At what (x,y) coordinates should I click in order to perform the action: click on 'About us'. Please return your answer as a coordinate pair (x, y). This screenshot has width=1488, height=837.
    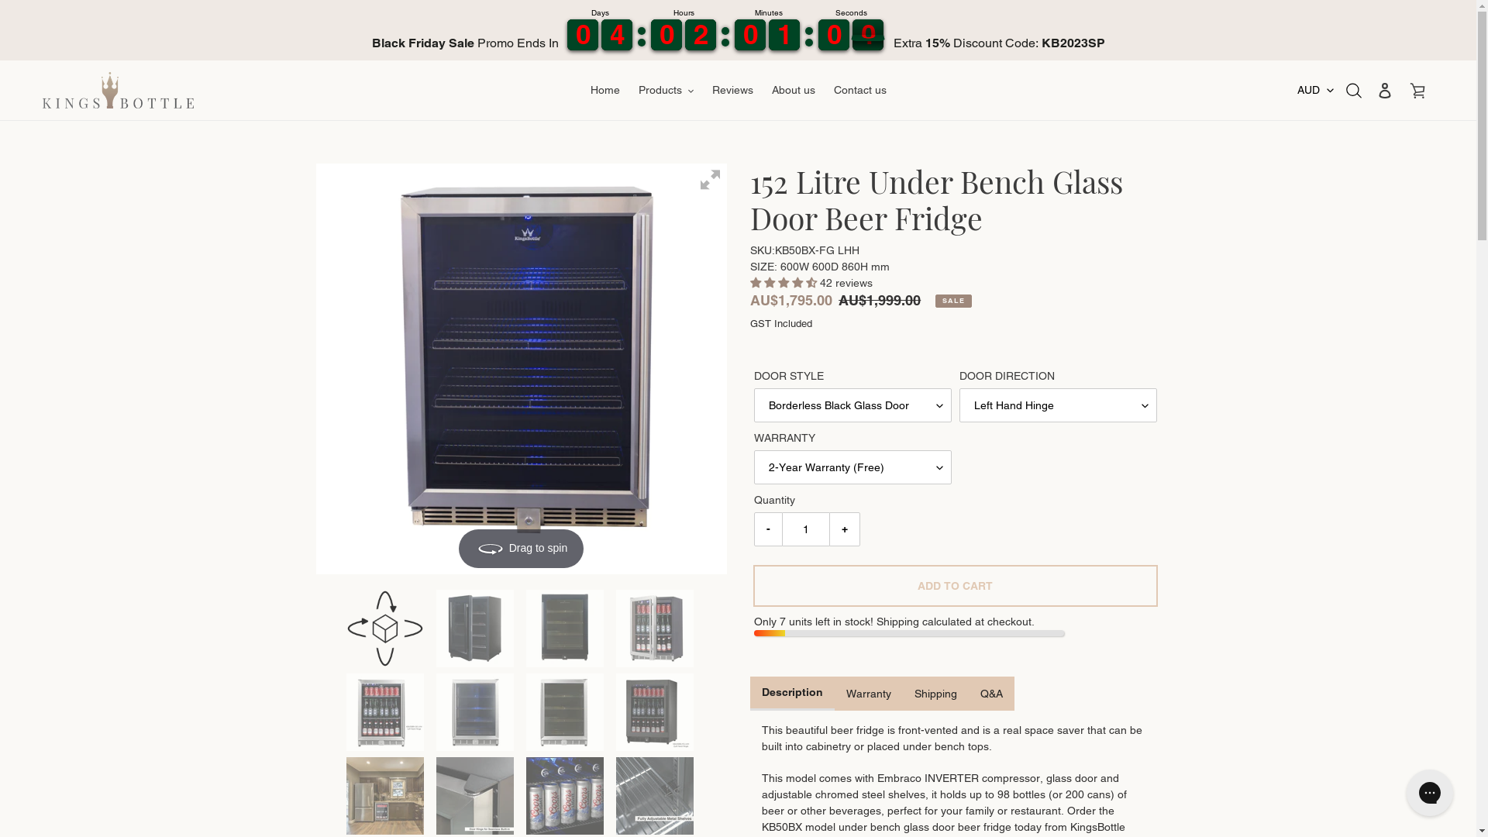
    Looking at the image, I should click on (763, 90).